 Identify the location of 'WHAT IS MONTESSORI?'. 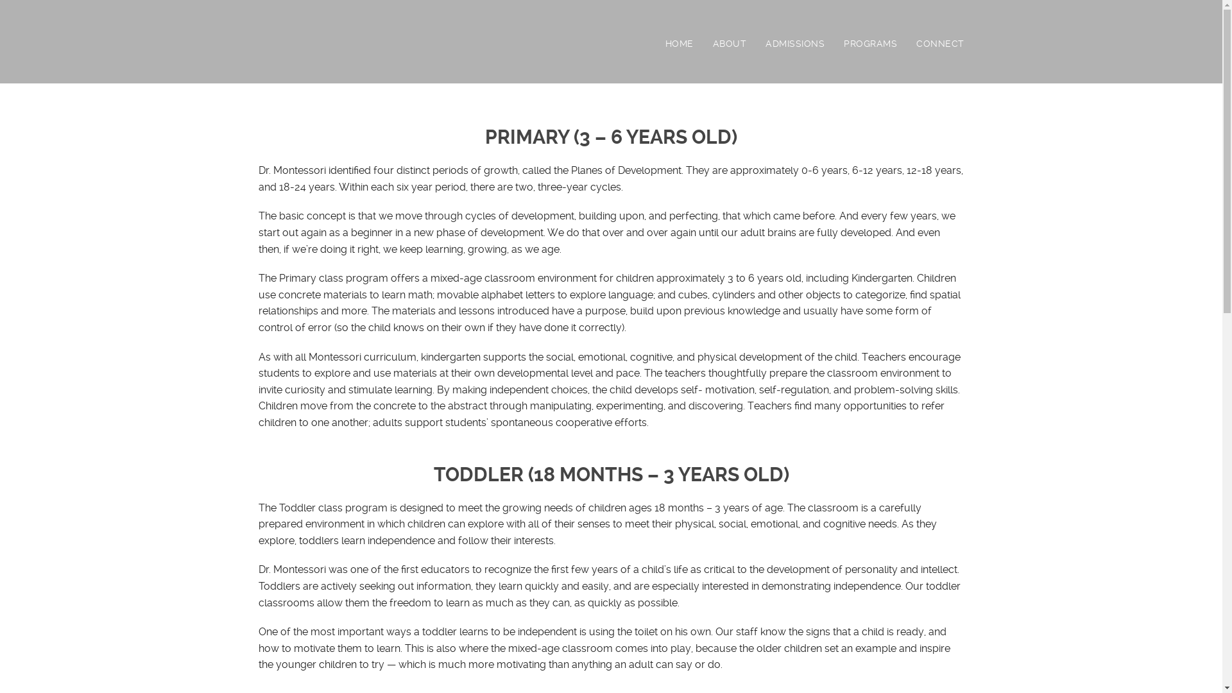
(739, 76).